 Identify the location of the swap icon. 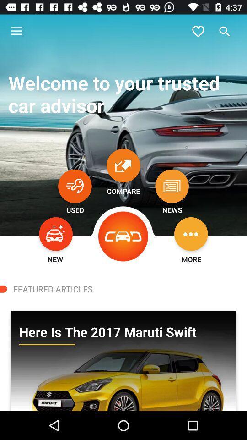
(123, 165).